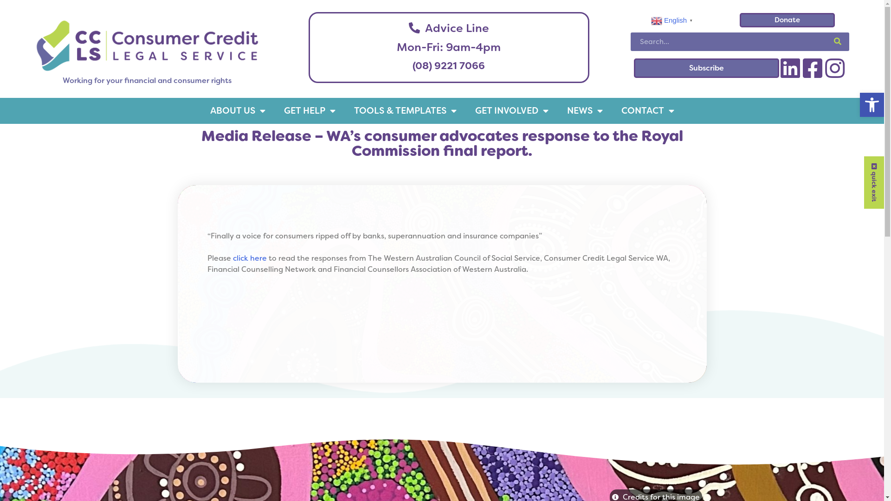  I want to click on 'NEWS', so click(584, 110).